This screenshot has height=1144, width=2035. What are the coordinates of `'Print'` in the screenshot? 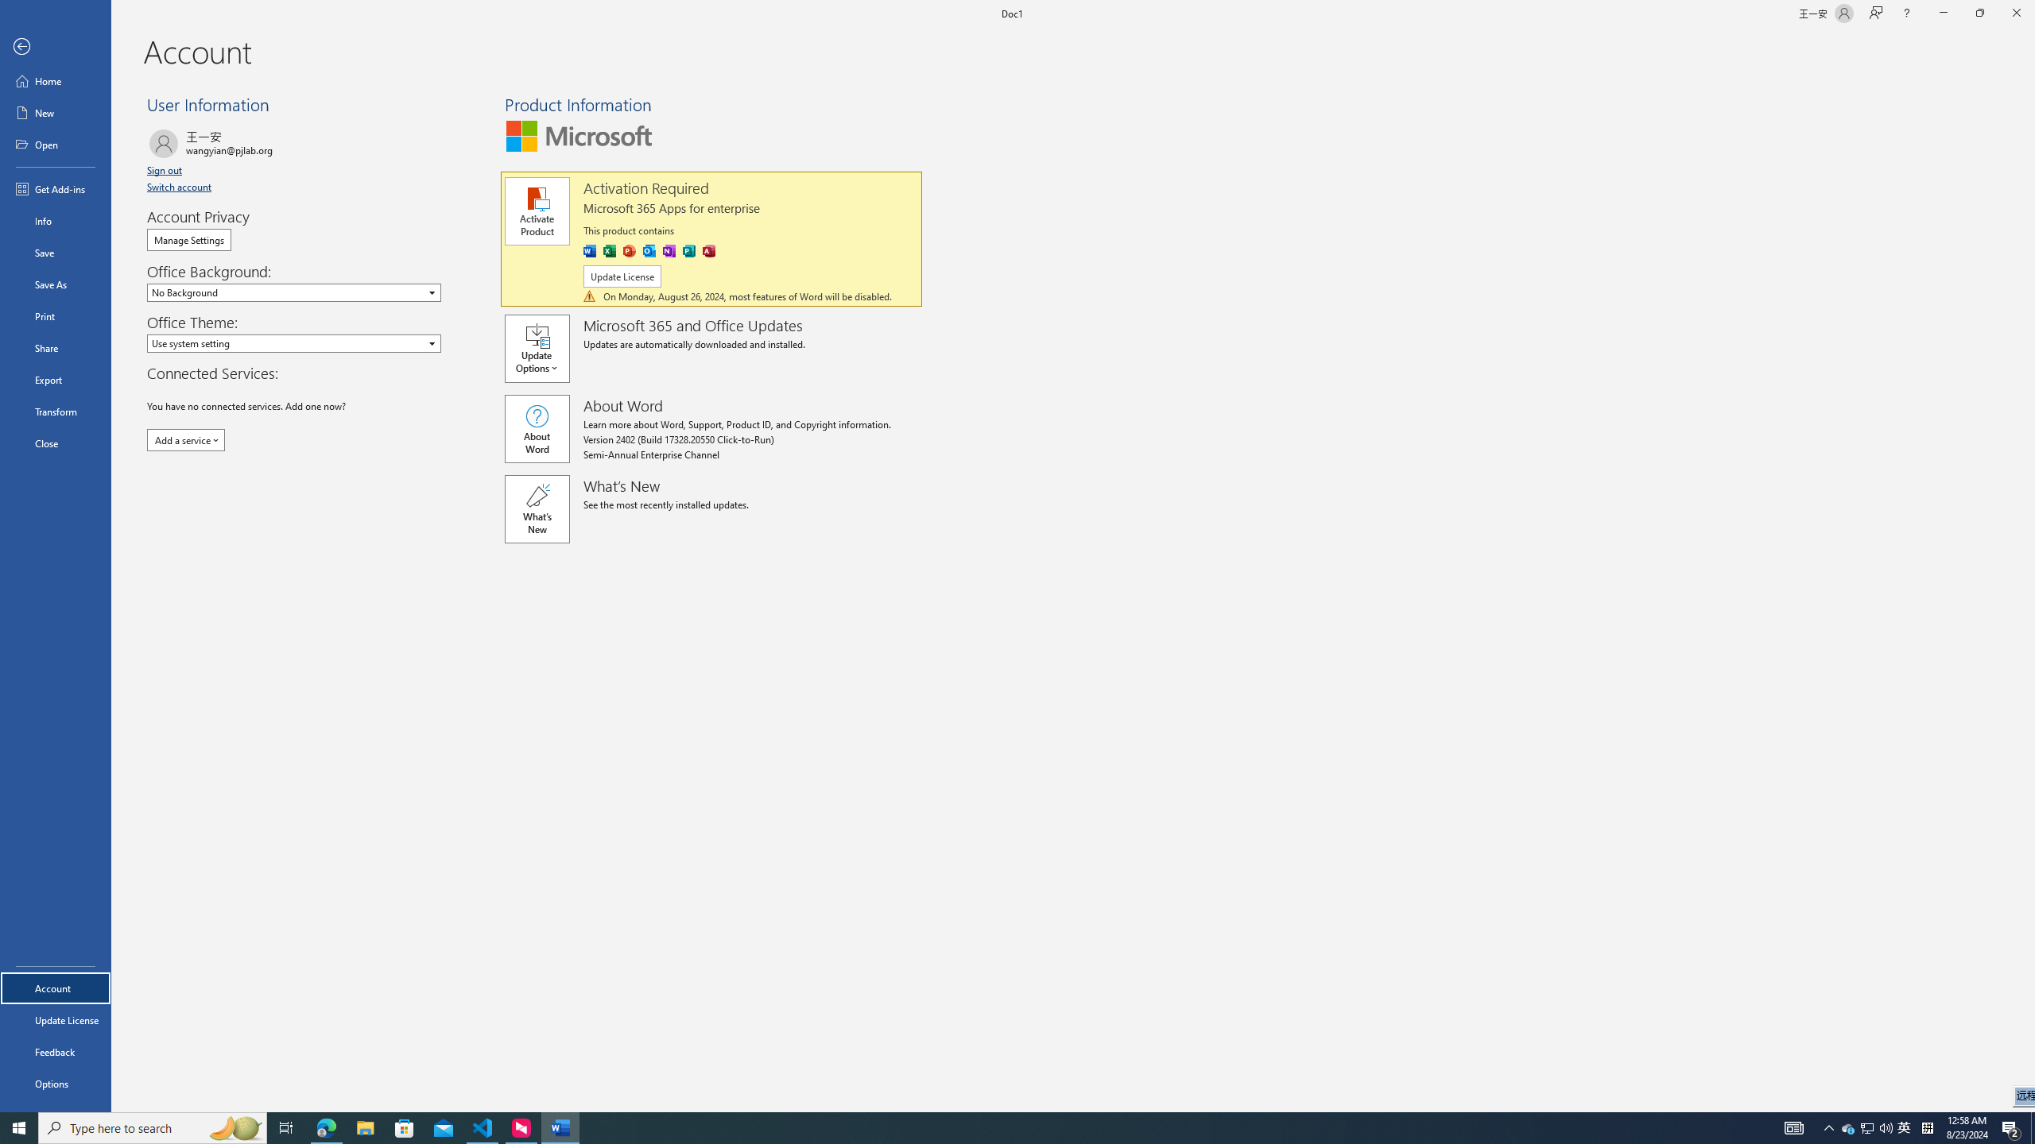 It's located at (55, 315).